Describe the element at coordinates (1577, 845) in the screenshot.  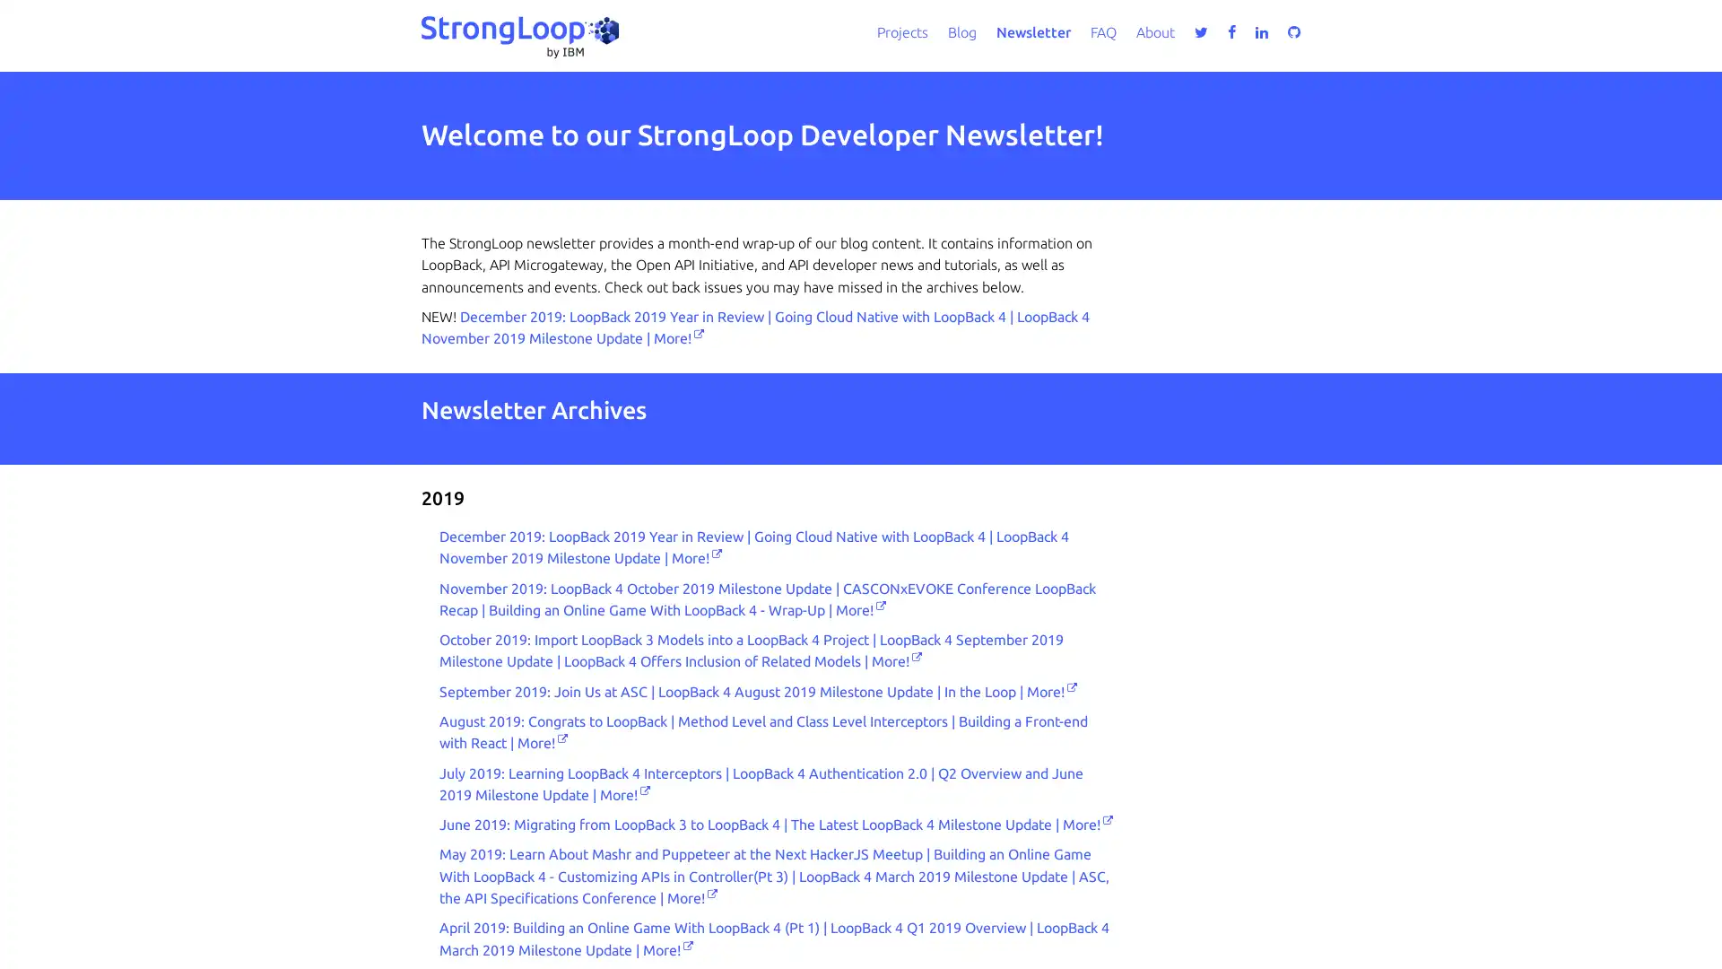
I see `Accept all` at that location.